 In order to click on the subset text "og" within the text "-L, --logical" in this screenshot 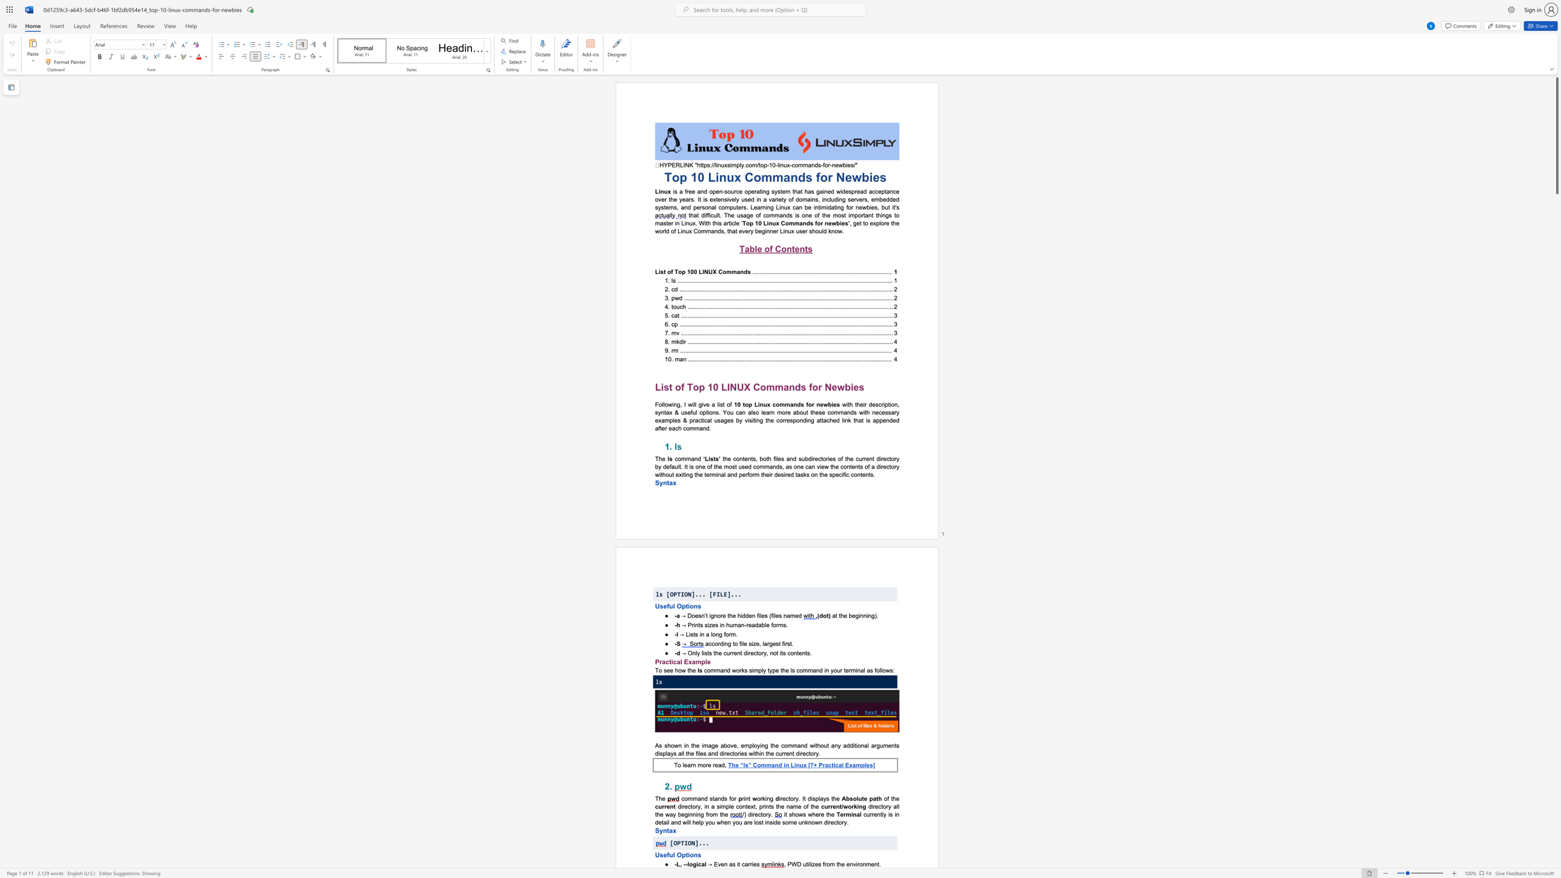, I will do `click(688, 864)`.